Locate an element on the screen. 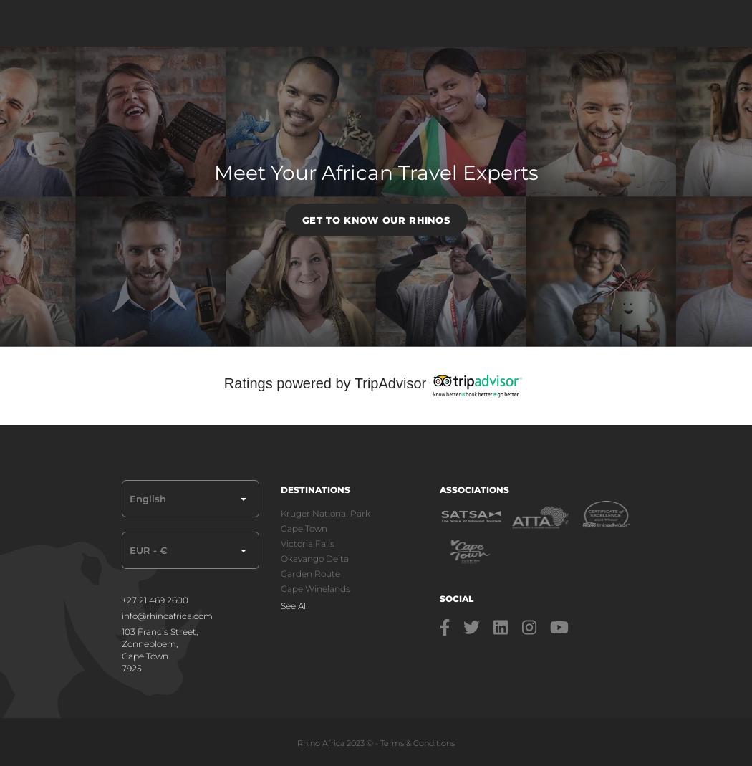 The image size is (752, 766). 'English' is located at coordinates (147, 497).